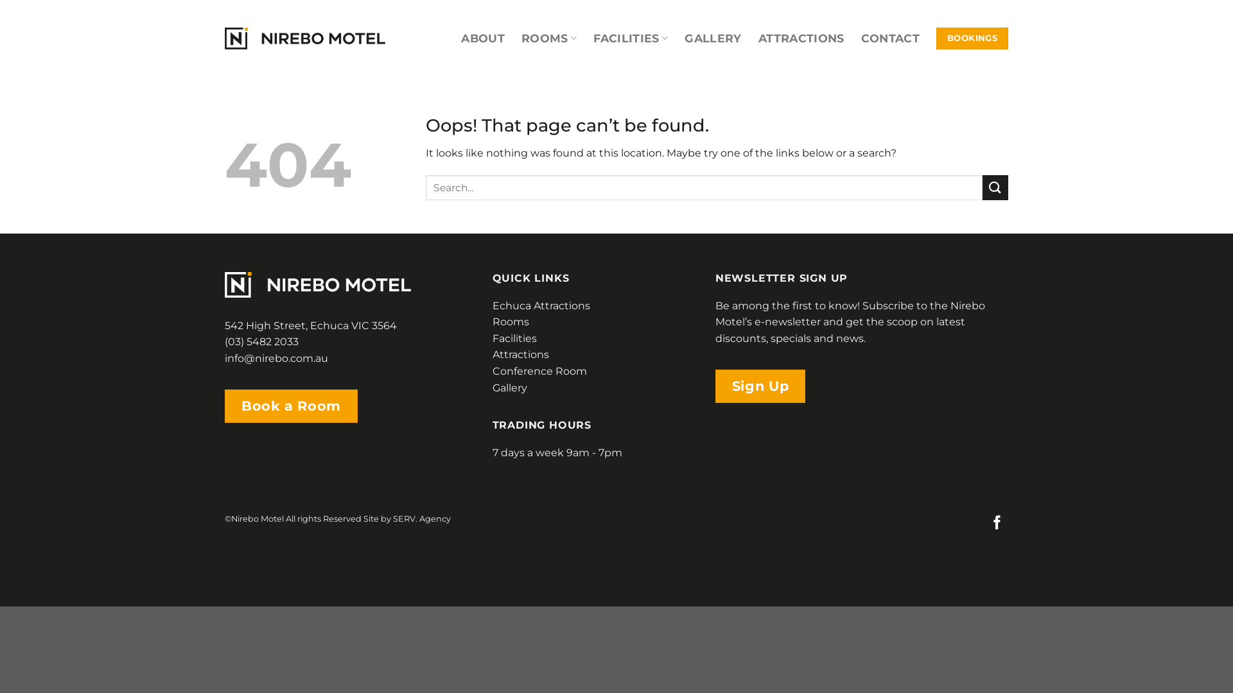 Image resolution: width=1233 pixels, height=693 pixels. I want to click on 'Follow on Facebook', so click(997, 524).